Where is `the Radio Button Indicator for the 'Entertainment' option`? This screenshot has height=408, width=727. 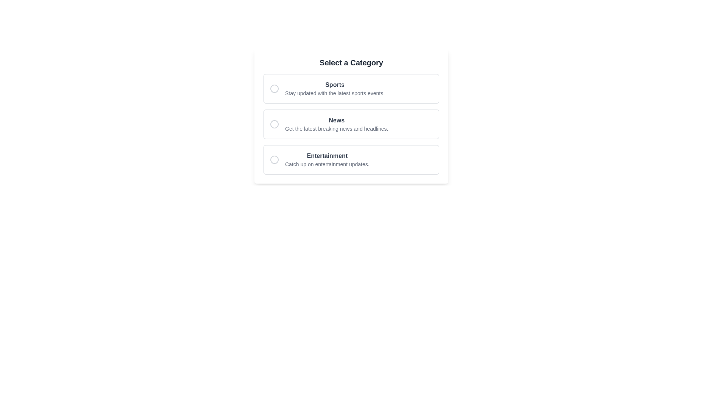 the Radio Button Indicator for the 'Entertainment' option is located at coordinates (274, 159).